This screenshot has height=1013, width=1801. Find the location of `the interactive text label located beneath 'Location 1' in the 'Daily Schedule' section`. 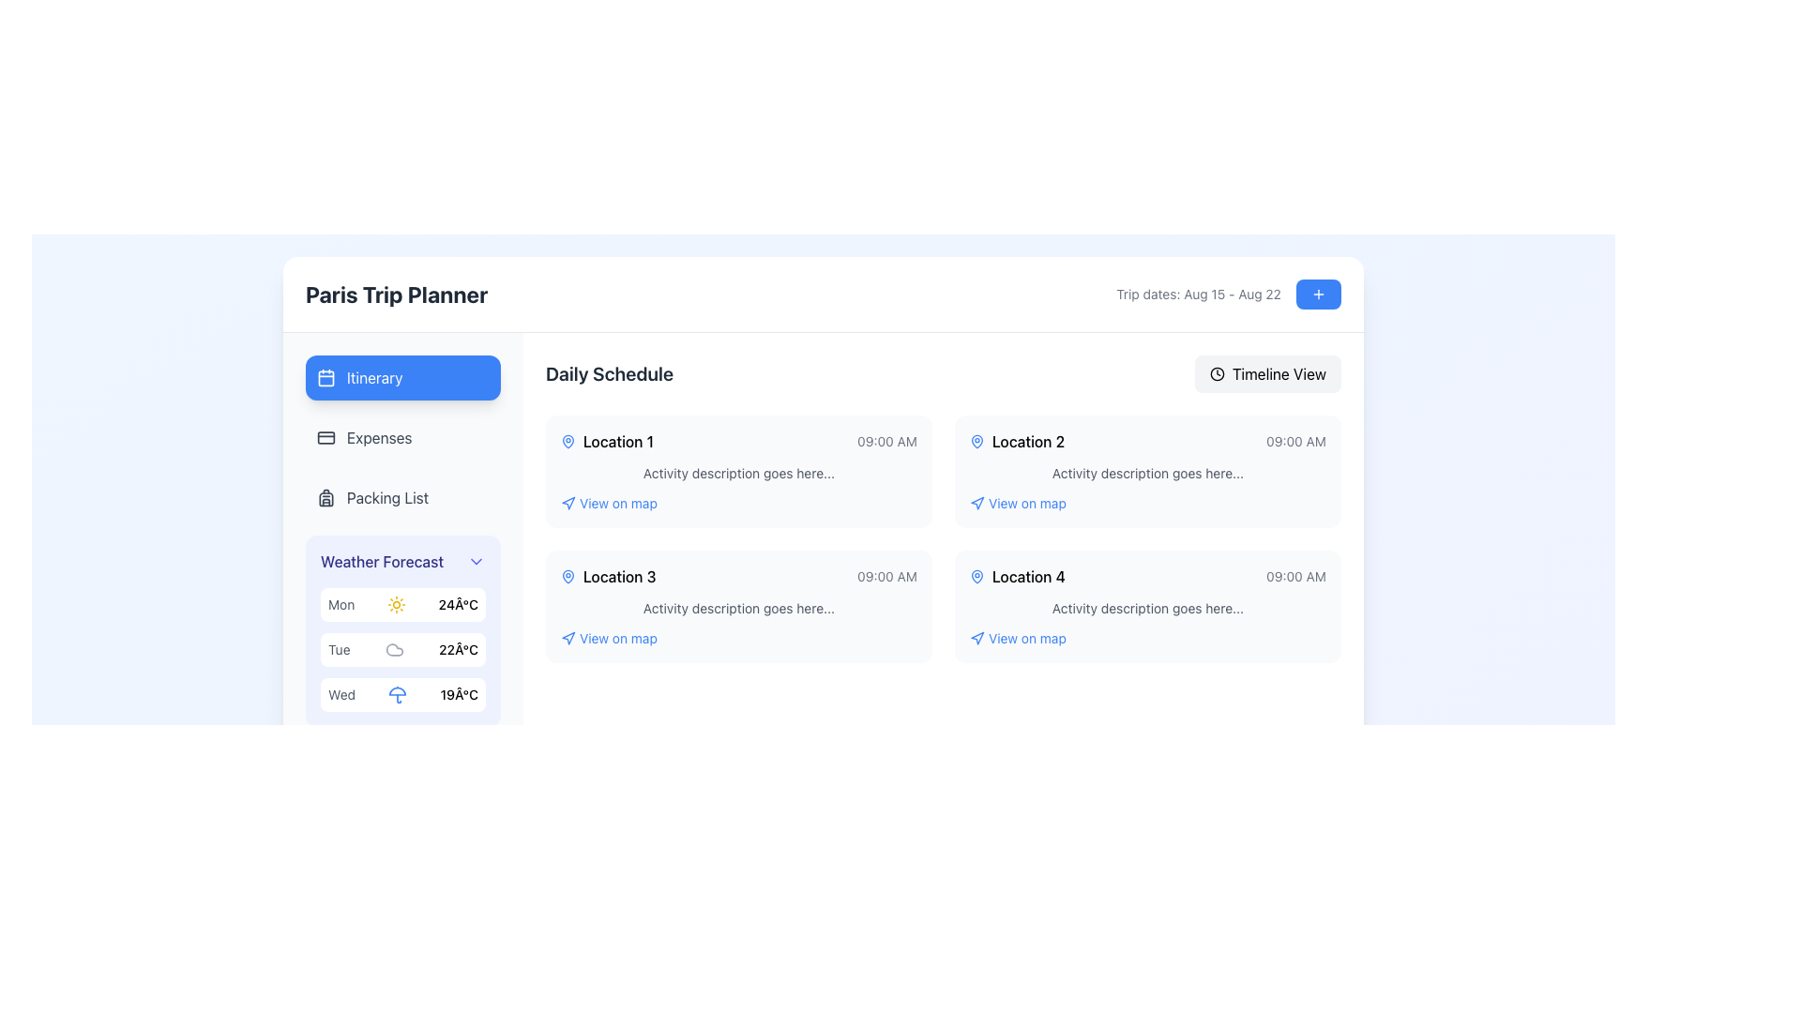

the interactive text label located beneath 'Location 1' in the 'Daily Schedule' section is located at coordinates (618, 502).